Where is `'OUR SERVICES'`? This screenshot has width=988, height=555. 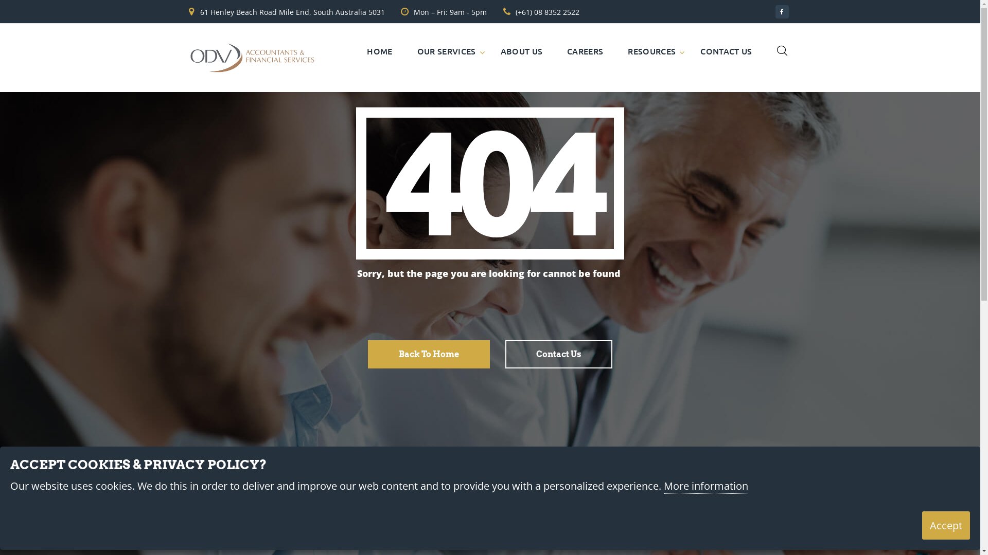 'OUR SERVICES' is located at coordinates (447, 51).